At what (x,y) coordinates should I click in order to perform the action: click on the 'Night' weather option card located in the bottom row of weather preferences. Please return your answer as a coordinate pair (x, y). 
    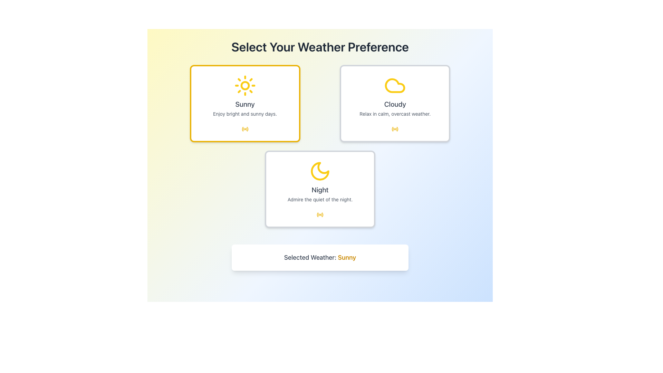
    Looking at the image, I should click on (319, 189).